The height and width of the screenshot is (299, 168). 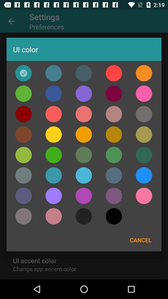 What do you see at coordinates (23, 114) in the screenshot?
I see `color` at bounding box center [23, 114].